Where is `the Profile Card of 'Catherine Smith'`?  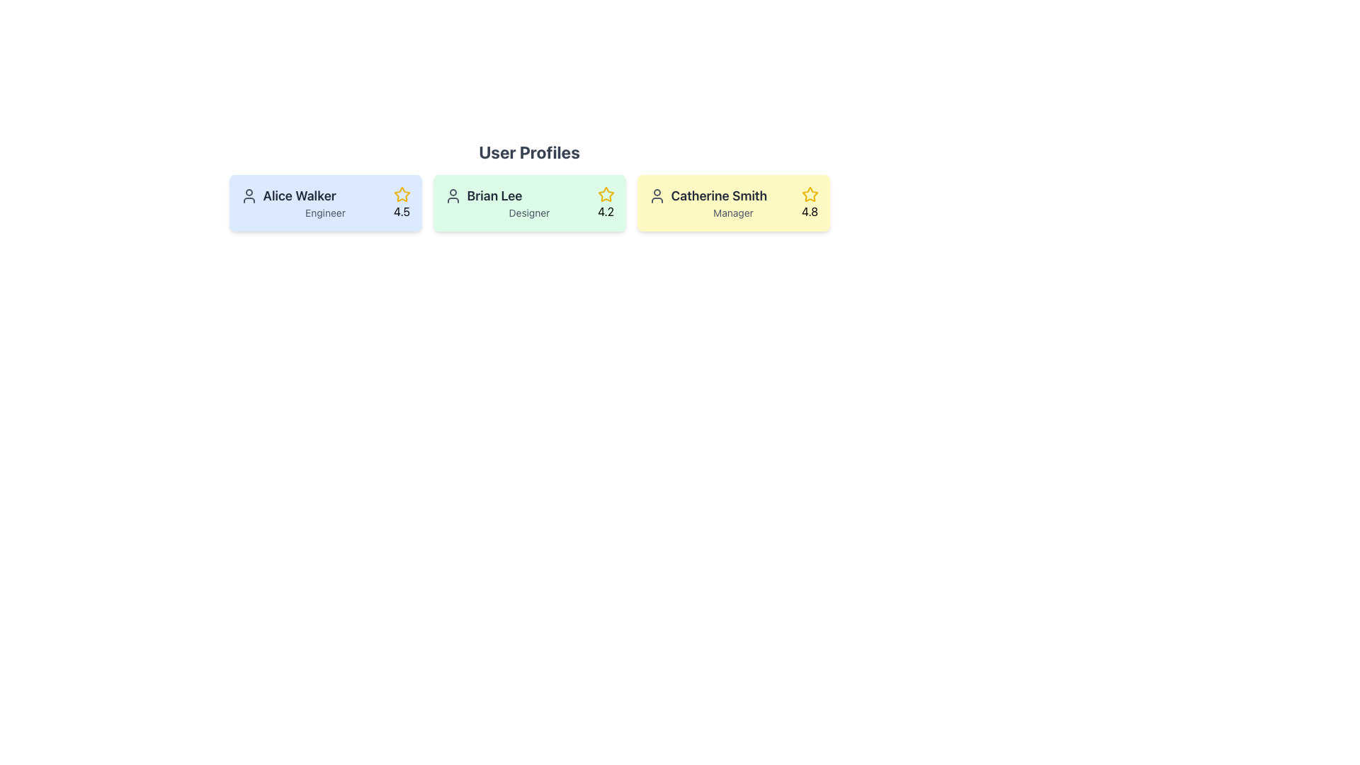 the Profile Card of 'Catherine Smith' is located at coordinates (733, 203).